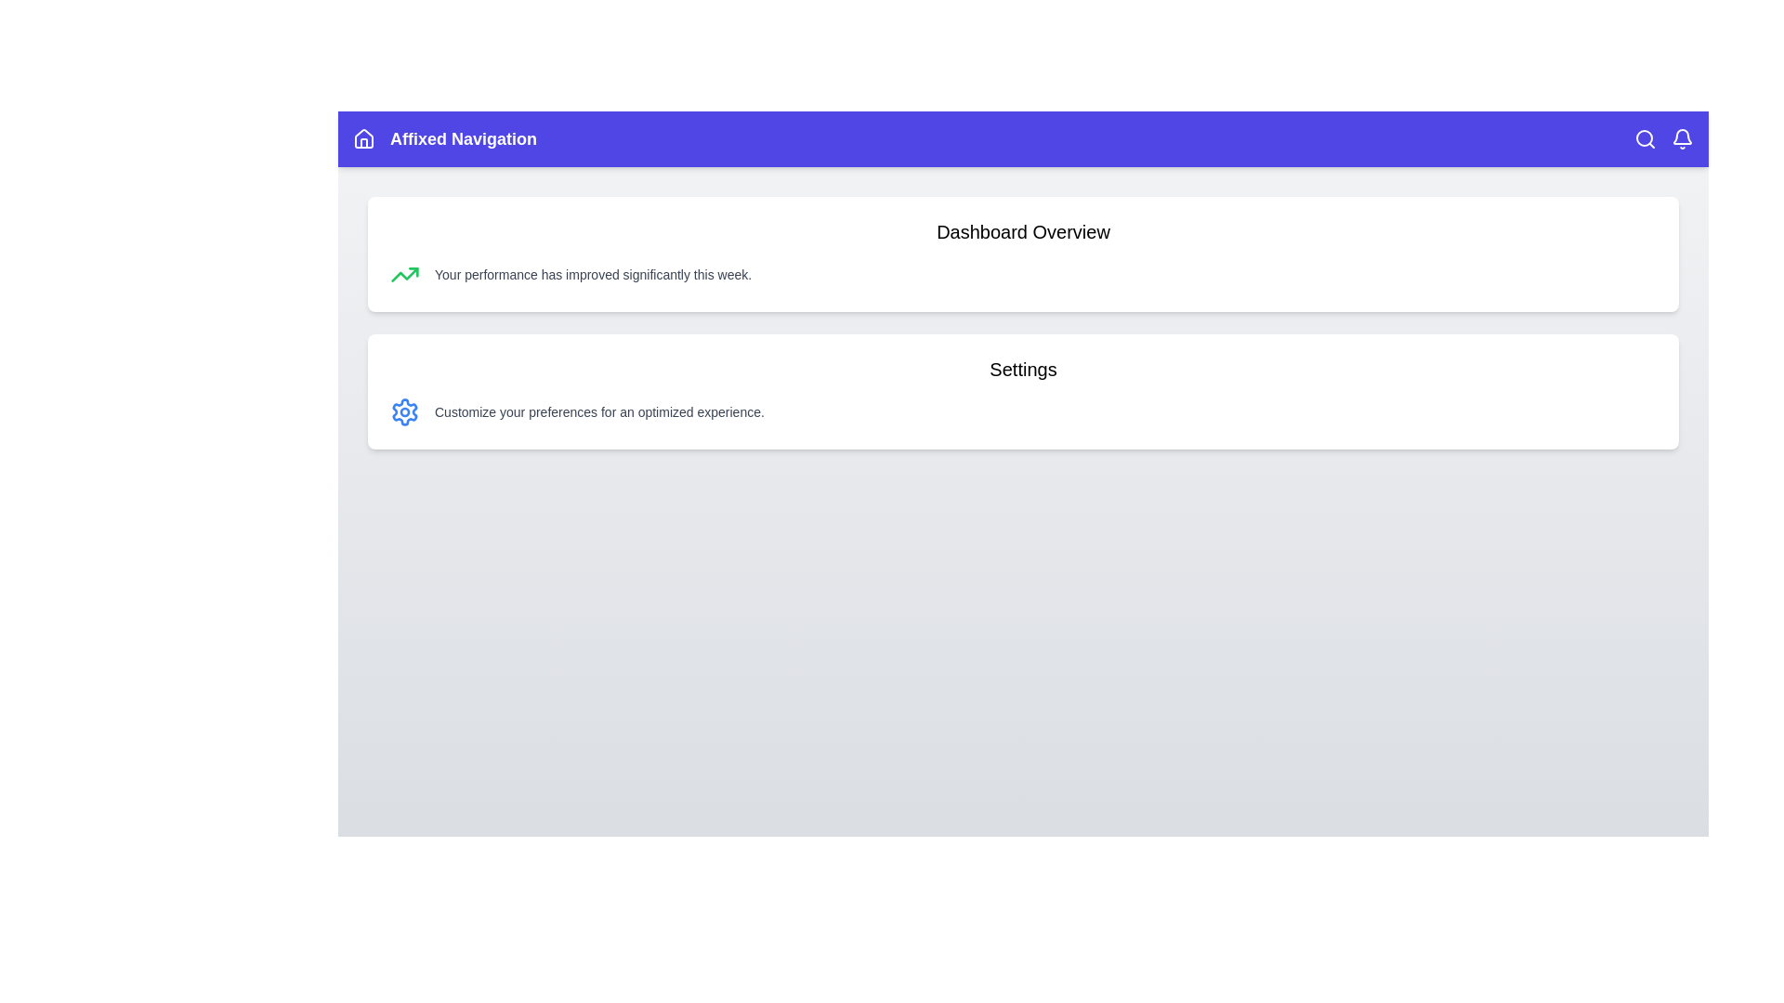 The width and height of the screenshot is (1784, 1003). I want to click on the magnifying glass icon button in the top-right corner of the interface to change its color to gray, so click(1646, 138).